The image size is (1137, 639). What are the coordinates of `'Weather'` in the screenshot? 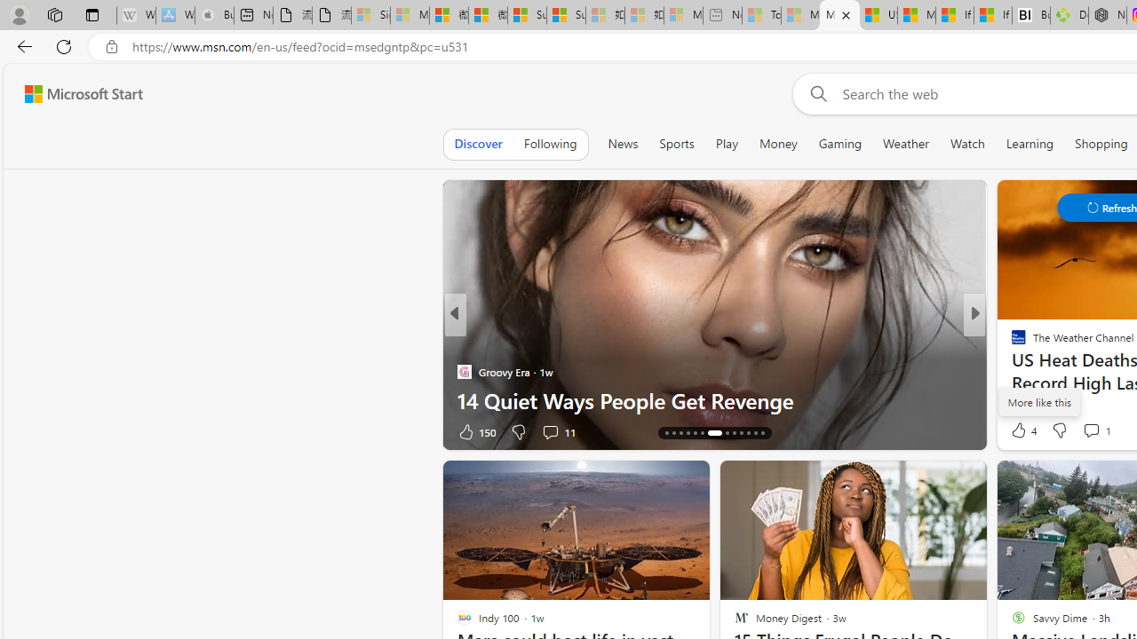 It's located at (906, 143).